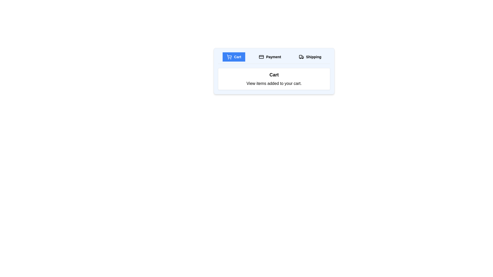 The height and width of the screenshot is (277, 493). What do you see at coordinates (270, 57) in the screenshot?
I see `the Payment tab to switch to its content` at bounding box center [270, 57].